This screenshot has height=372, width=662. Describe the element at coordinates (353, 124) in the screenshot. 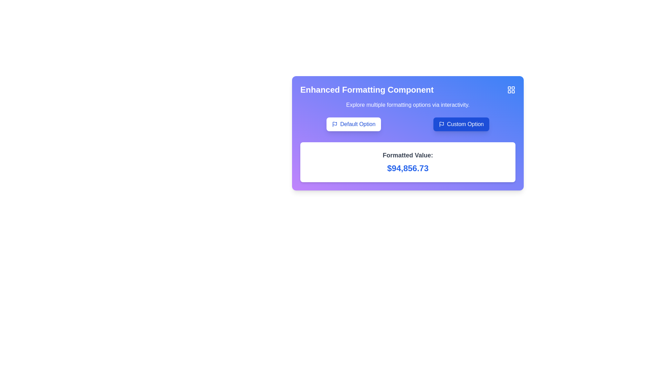

I see `the button labeled 'Default Option' which has a white background and blue text, located` at that location.